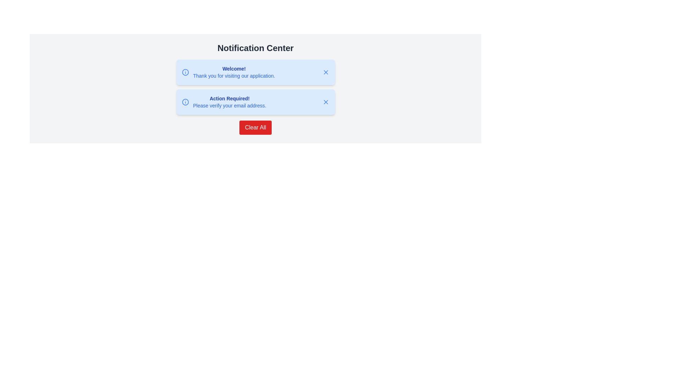  I want to click on header text summarizing the purpose of the Notification Center, which is positioned above the informational cards and button, so click(255, 48).